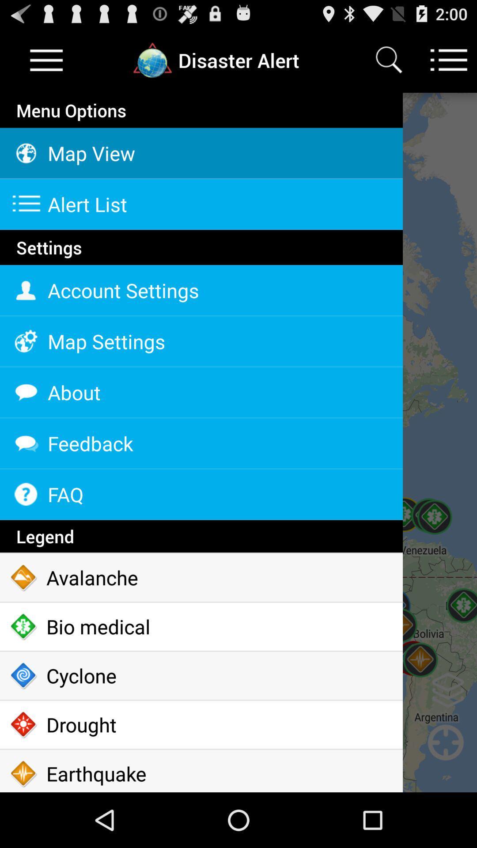 This screenshot has width=477, height=848. What do you see at coordinates (448, 736) in the screenshot?
I see `the layers icon` at bounding box center [448, 736].